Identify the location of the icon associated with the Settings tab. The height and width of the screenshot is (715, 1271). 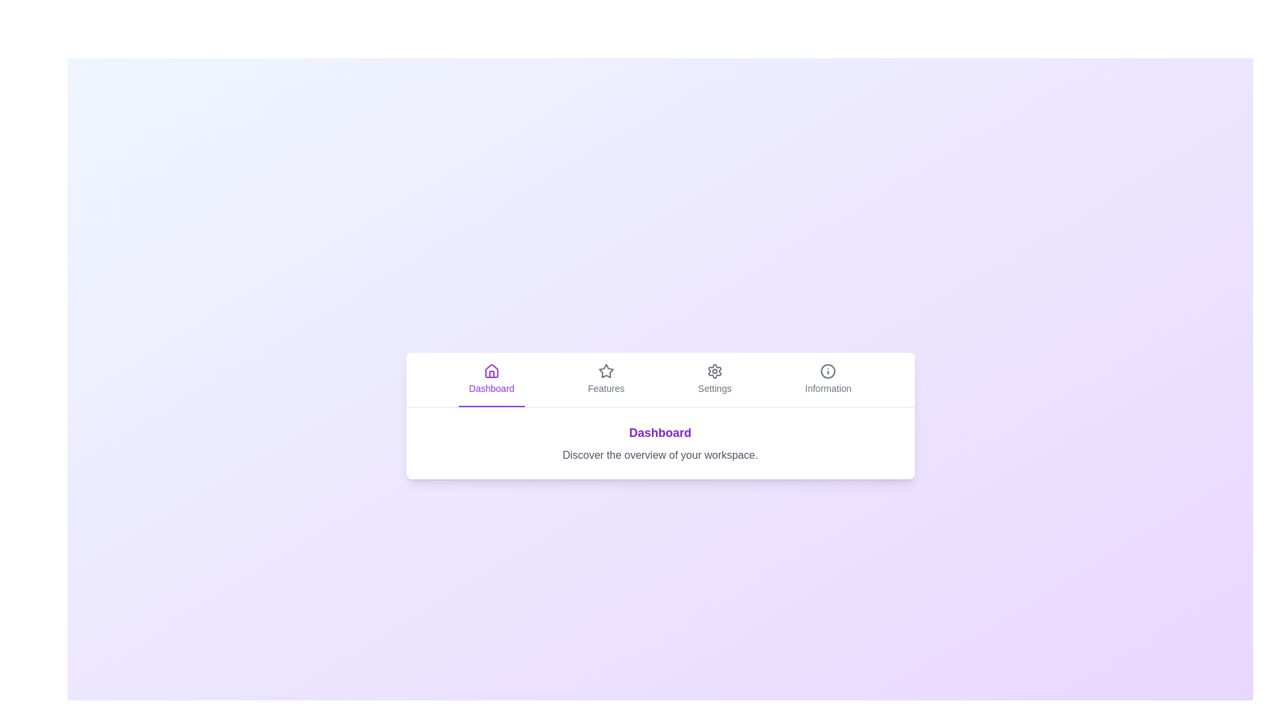
(714, 371).